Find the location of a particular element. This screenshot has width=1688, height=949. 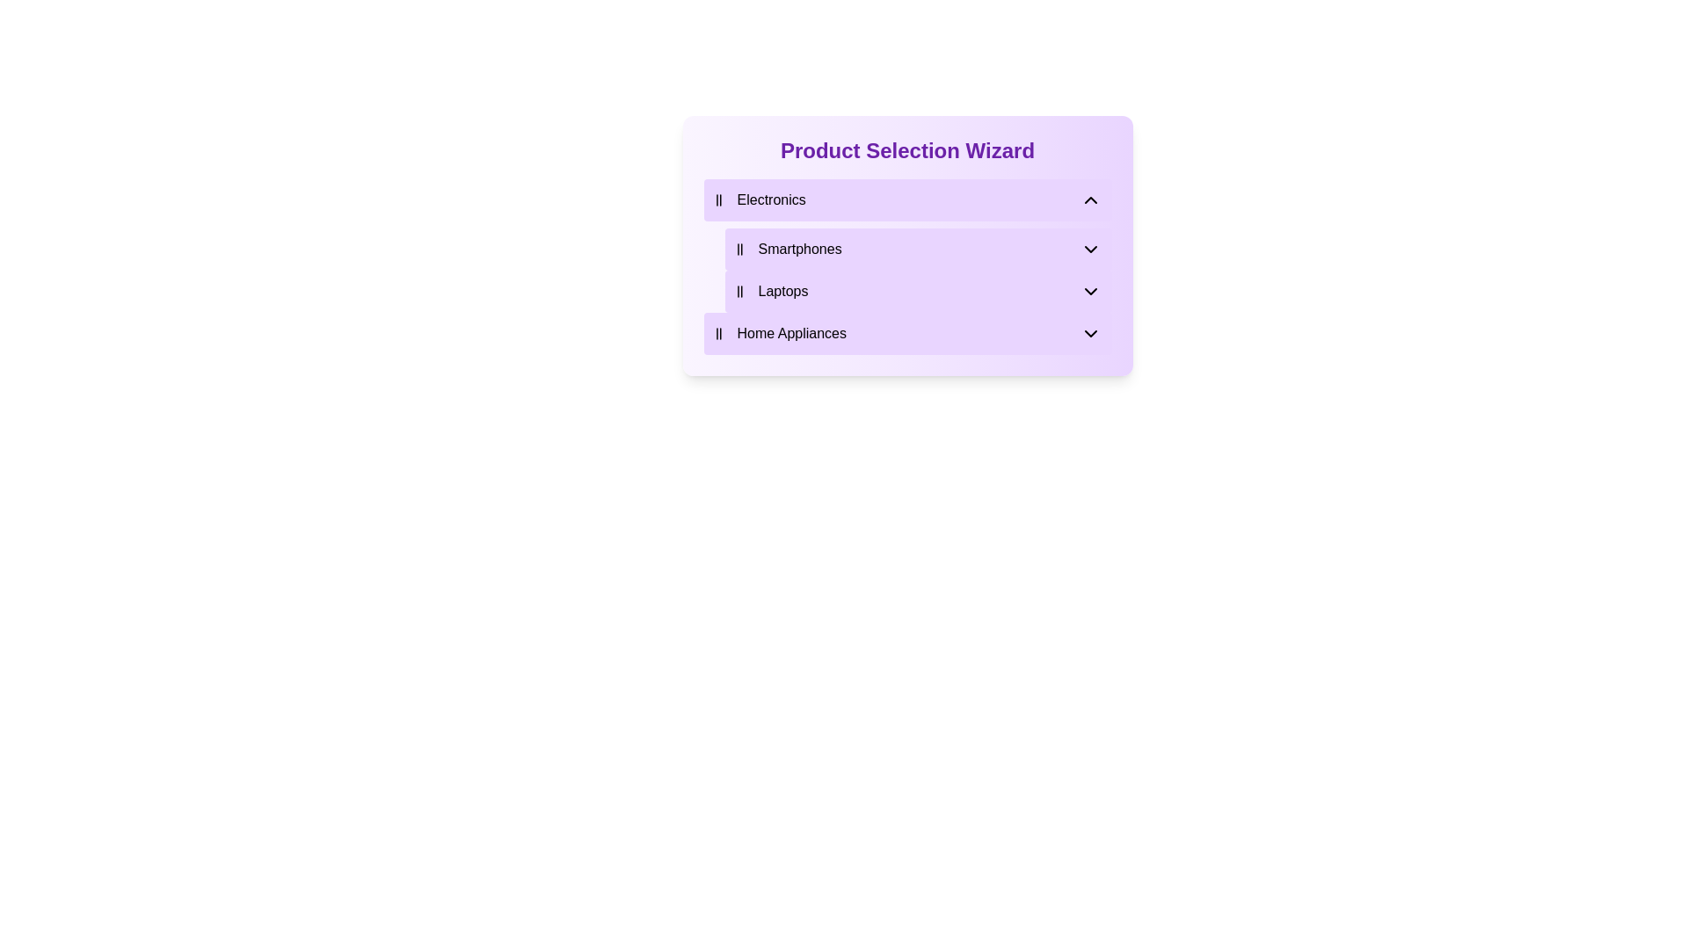

the text label that categorizes the section as 'Laptops' in the submenu of the 'Electronics' section of the product selection wizard is located at coordinates (782, 290).